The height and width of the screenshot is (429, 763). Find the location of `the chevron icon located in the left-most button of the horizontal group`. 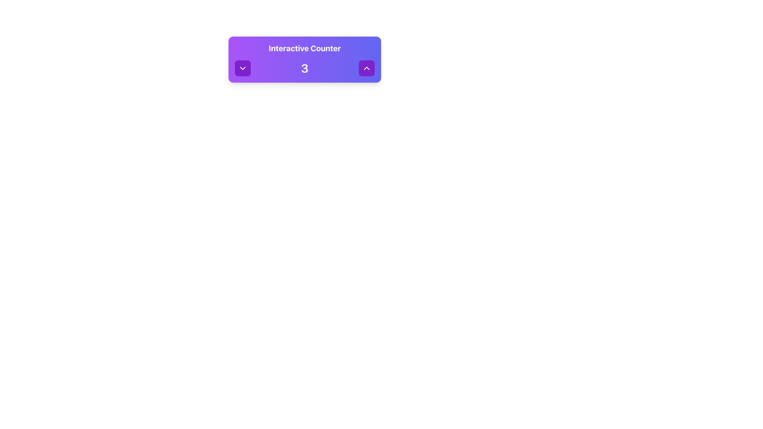

the chevron icon located in the left-most button of the horizontal group is located at coordinates (242, 68).